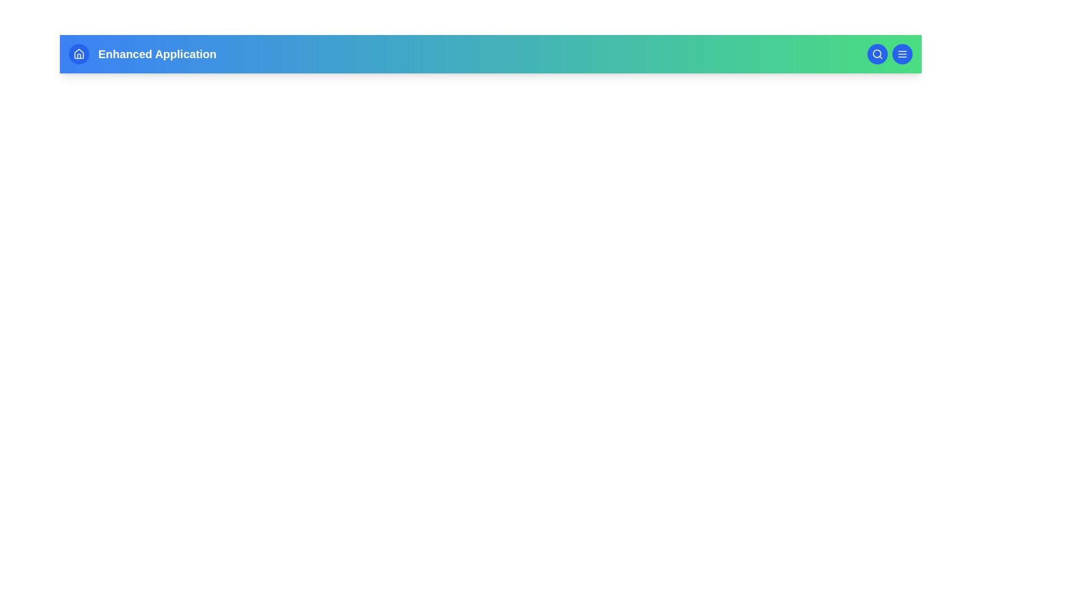 This screenshot has width=1085, height=610. What do you see at coordinates (877, 54) in the screenshot?
I see `the search icon button located in the top-right corner of the application interface` at bounding box center [877, 54].